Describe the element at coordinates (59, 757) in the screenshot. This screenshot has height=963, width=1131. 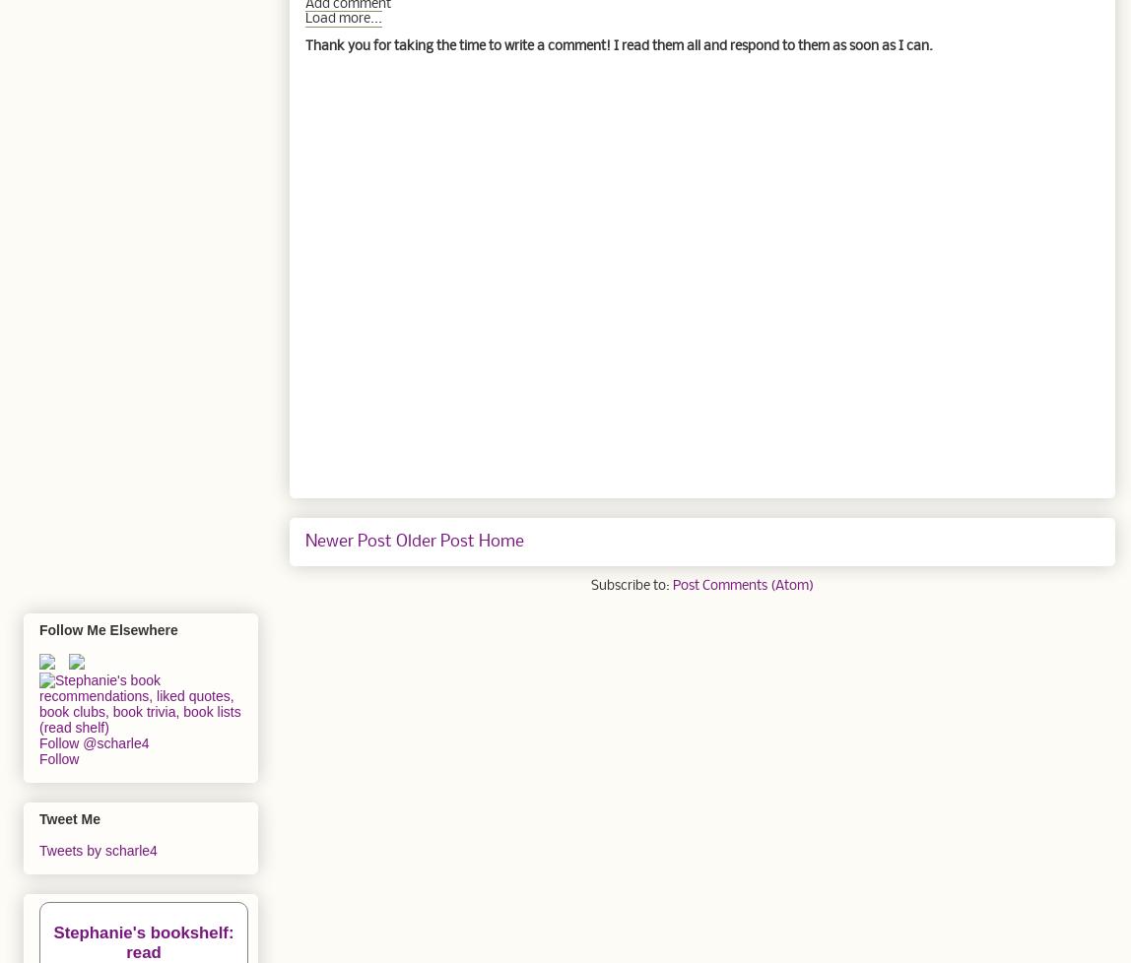
I see `'Follow'` at that location.